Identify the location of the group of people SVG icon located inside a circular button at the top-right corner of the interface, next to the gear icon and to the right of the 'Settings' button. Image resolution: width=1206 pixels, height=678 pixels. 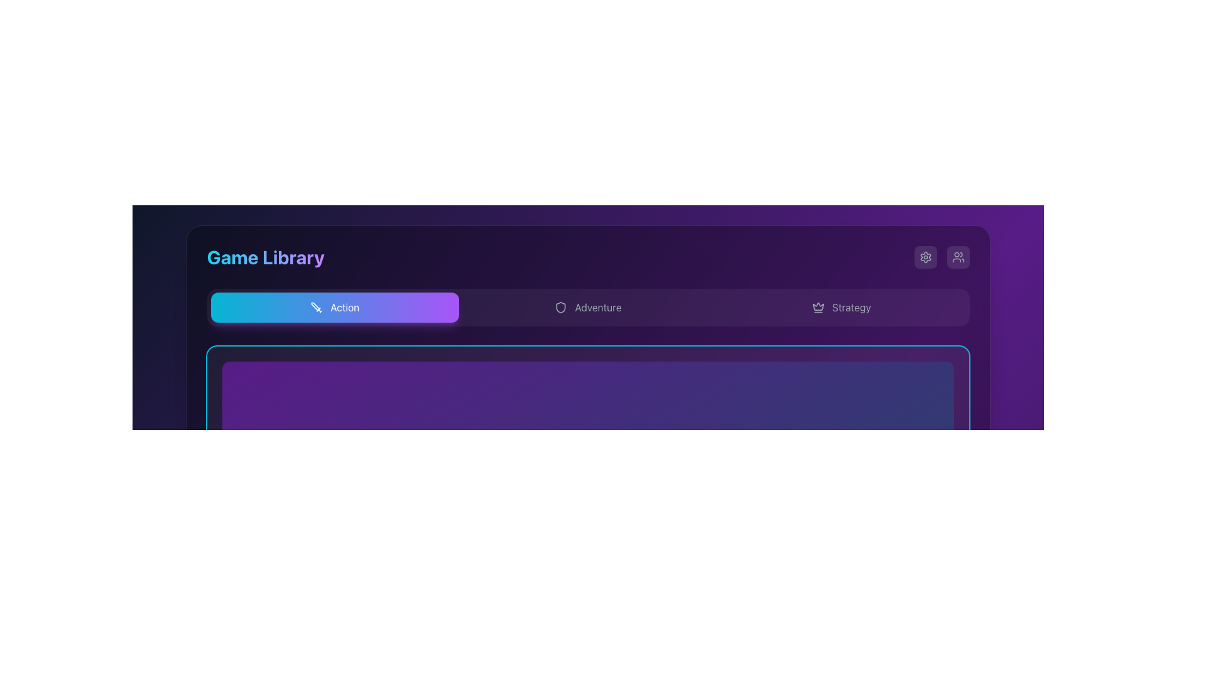
(957, 256).